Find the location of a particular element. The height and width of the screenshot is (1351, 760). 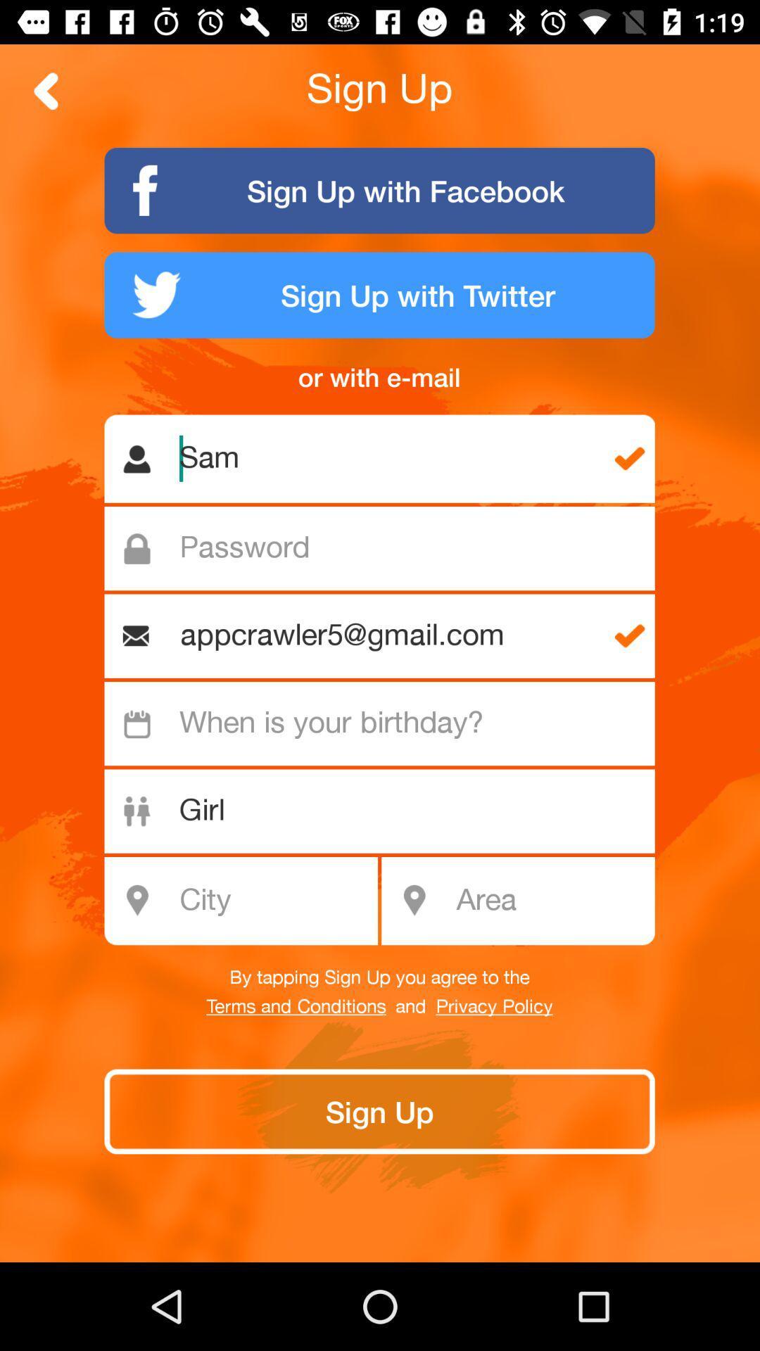

introduce area is located at coordinates (550, 901).